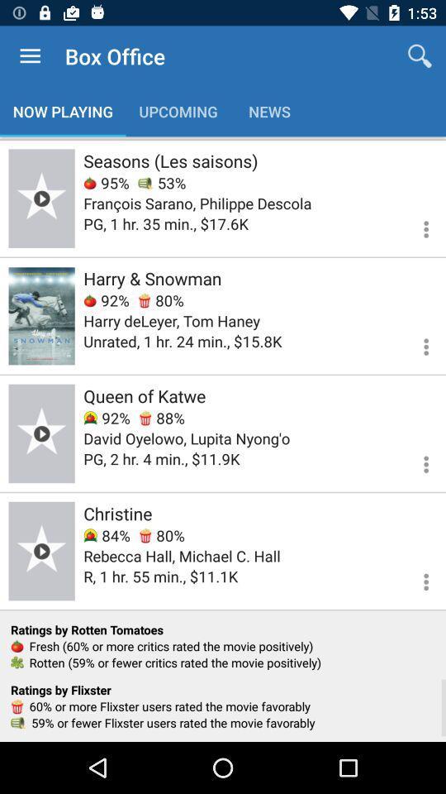  What do you see at coordinates (415, 226) in the screenshot?
I see `find out more info` at bounding box center [415, 226].